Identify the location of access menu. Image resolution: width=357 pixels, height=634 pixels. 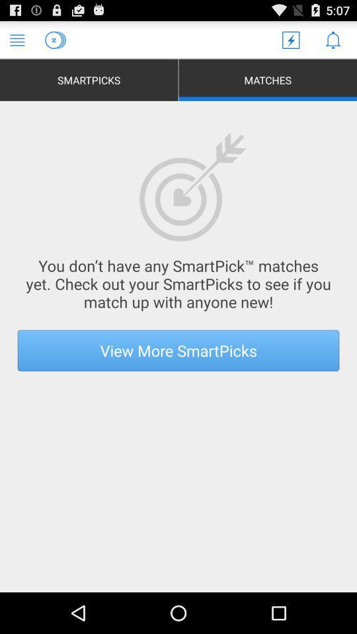
(17, 39).